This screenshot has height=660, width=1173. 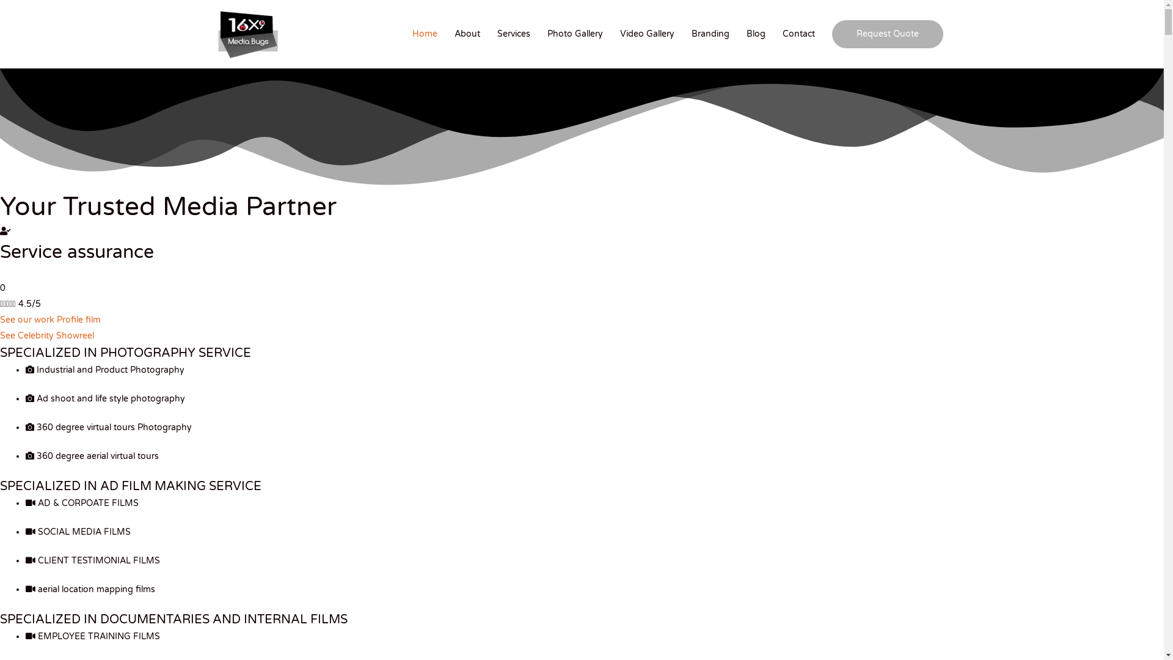 What do you see at coordinates (710, 34) in the screenshot?
I see `'Branding'` at bounding box center [710, 34].